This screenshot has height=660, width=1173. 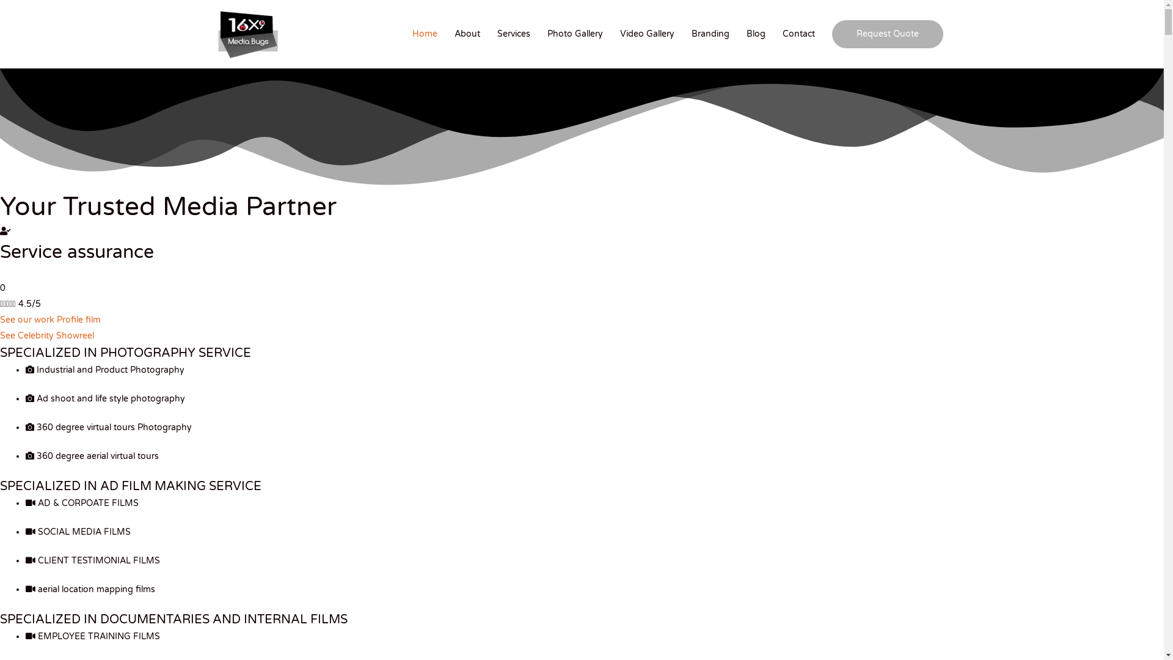 What do you see at coordinates (710, 34) in the screenshot?
I see `'Branding'` at bounding box center [710, 34].